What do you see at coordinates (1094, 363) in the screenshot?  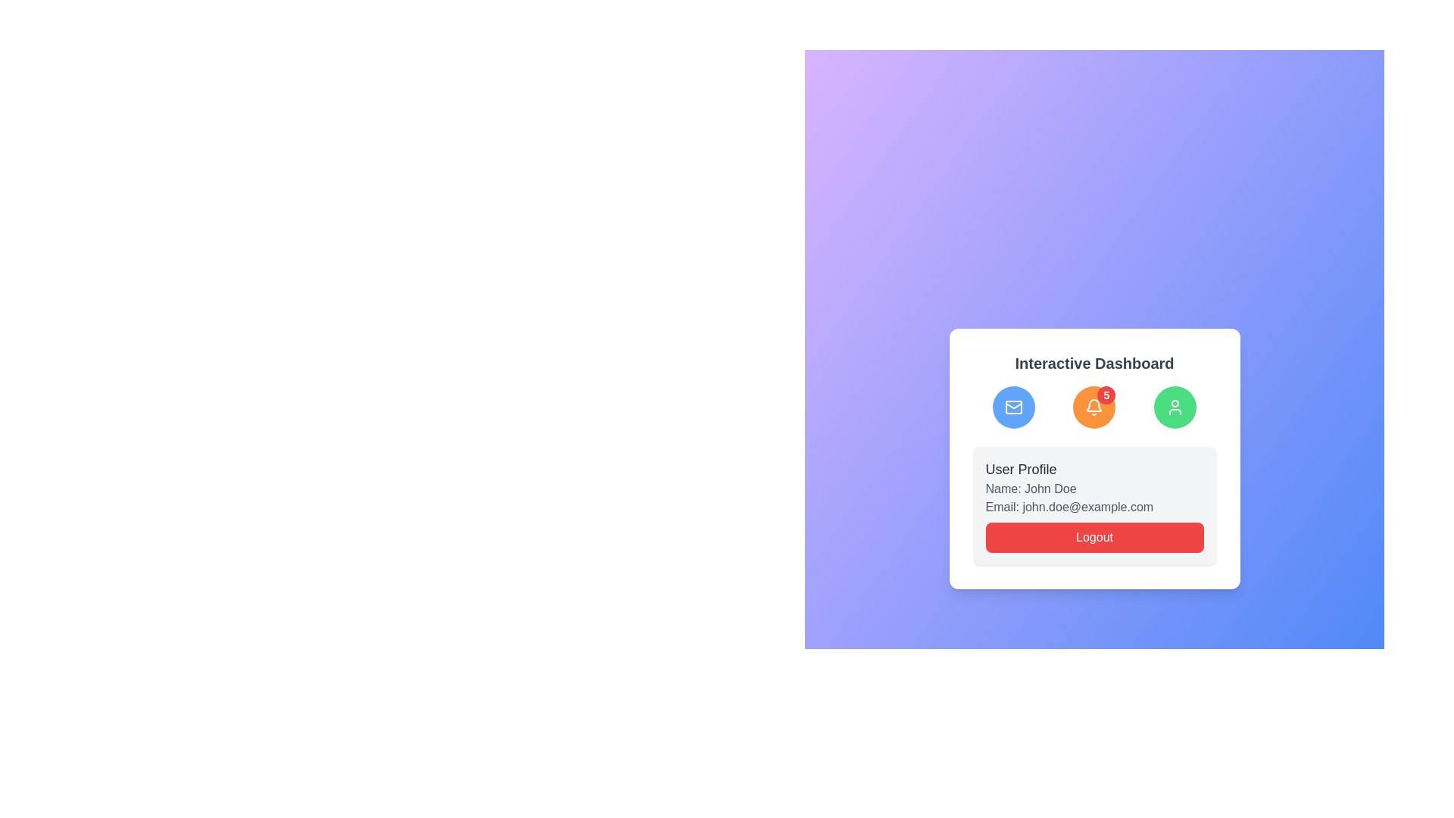 I see `text content of the 'Interactive Dashboard' label, which is a large, bold text in dark gray color, centered at the top of a card-like layout` at bounding box center [1094, 363].